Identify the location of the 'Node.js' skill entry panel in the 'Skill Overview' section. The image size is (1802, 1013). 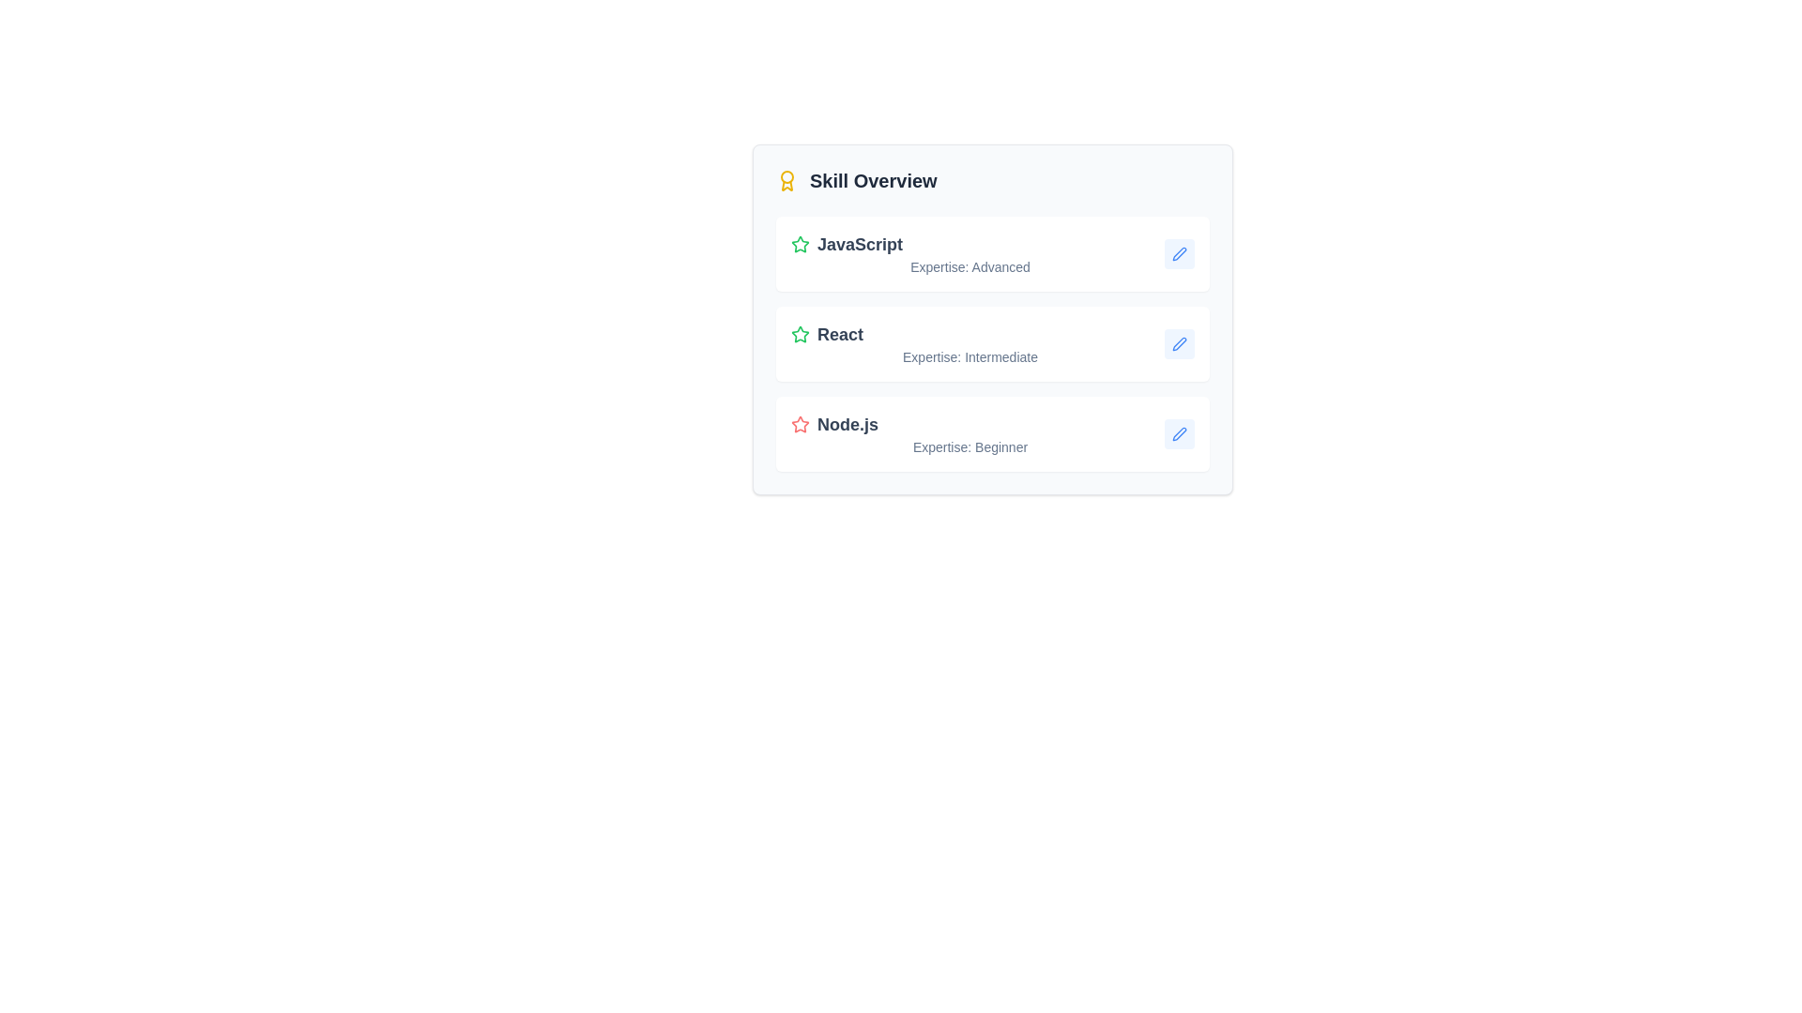
(991, 433).